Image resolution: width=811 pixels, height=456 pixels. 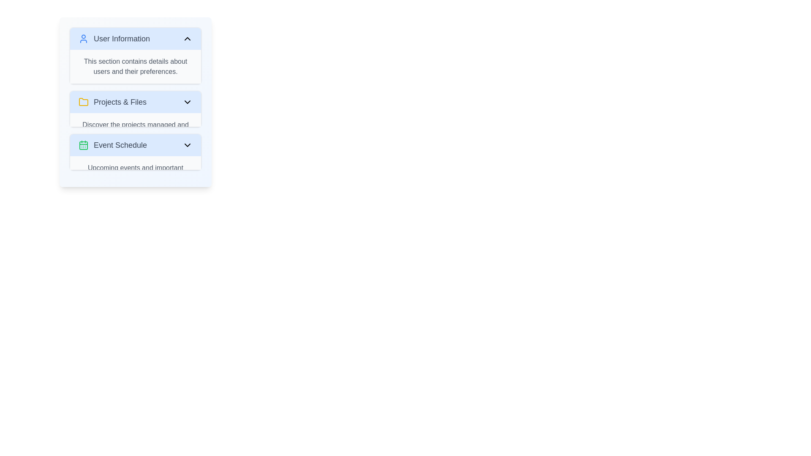 I want to click on the 'Event Schedule' text label, which is the third section in a vertical menu layout, located adjacent to a calendar icon, so click(x=120, y=144).